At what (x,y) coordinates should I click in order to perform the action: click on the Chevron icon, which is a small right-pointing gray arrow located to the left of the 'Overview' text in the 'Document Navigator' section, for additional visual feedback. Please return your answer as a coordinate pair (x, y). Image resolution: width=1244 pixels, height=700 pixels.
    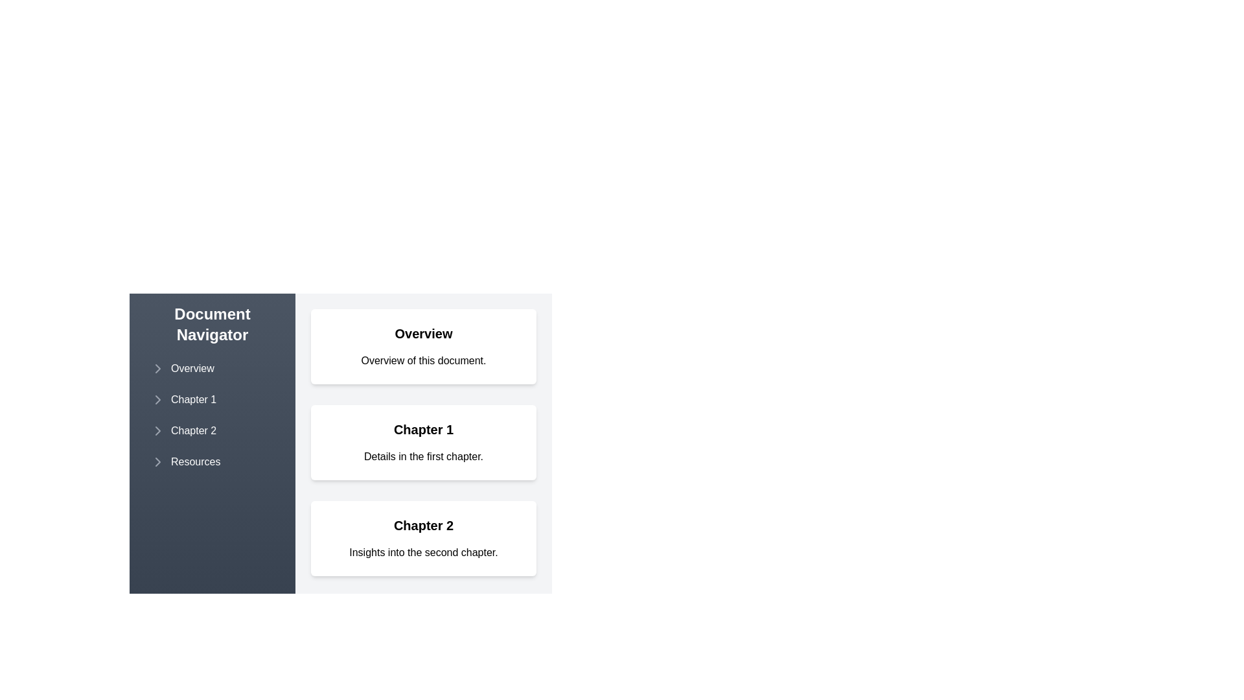
    Looking at the image, I should click on (157, 369).